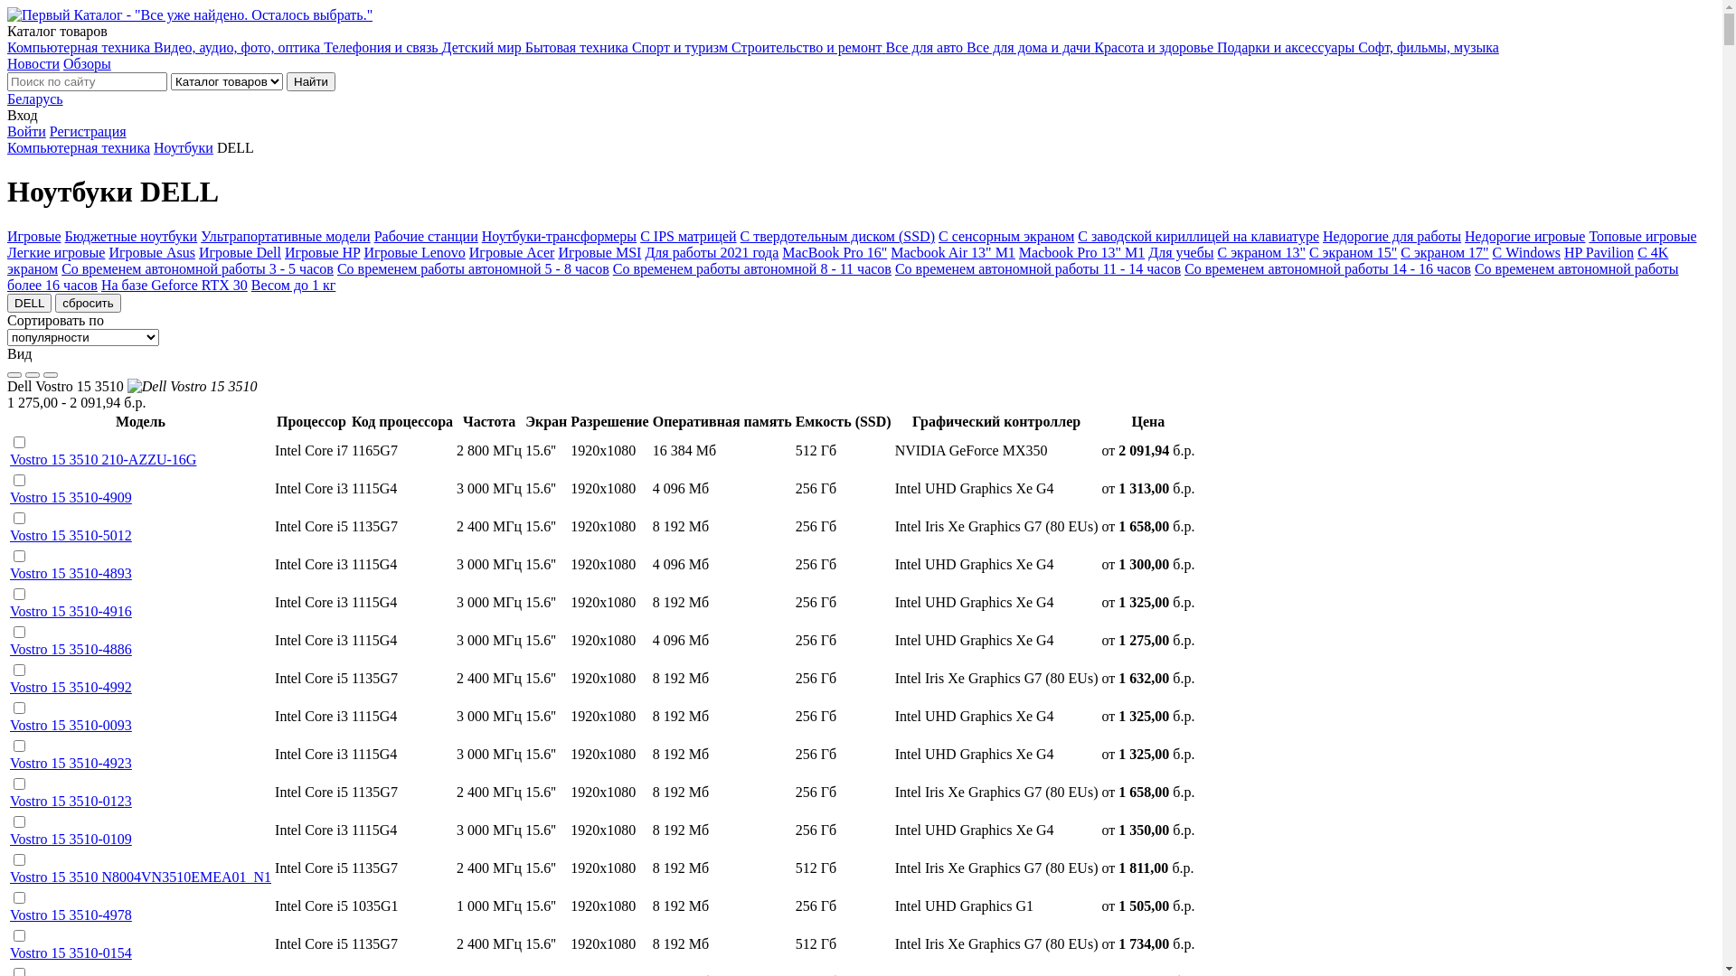 The image size is (1736, 976). What do you see at coordinates (9, 687) in the screenshot?
I see `'Vostro 15 3510-4992'` at bounding box center [9, 687].